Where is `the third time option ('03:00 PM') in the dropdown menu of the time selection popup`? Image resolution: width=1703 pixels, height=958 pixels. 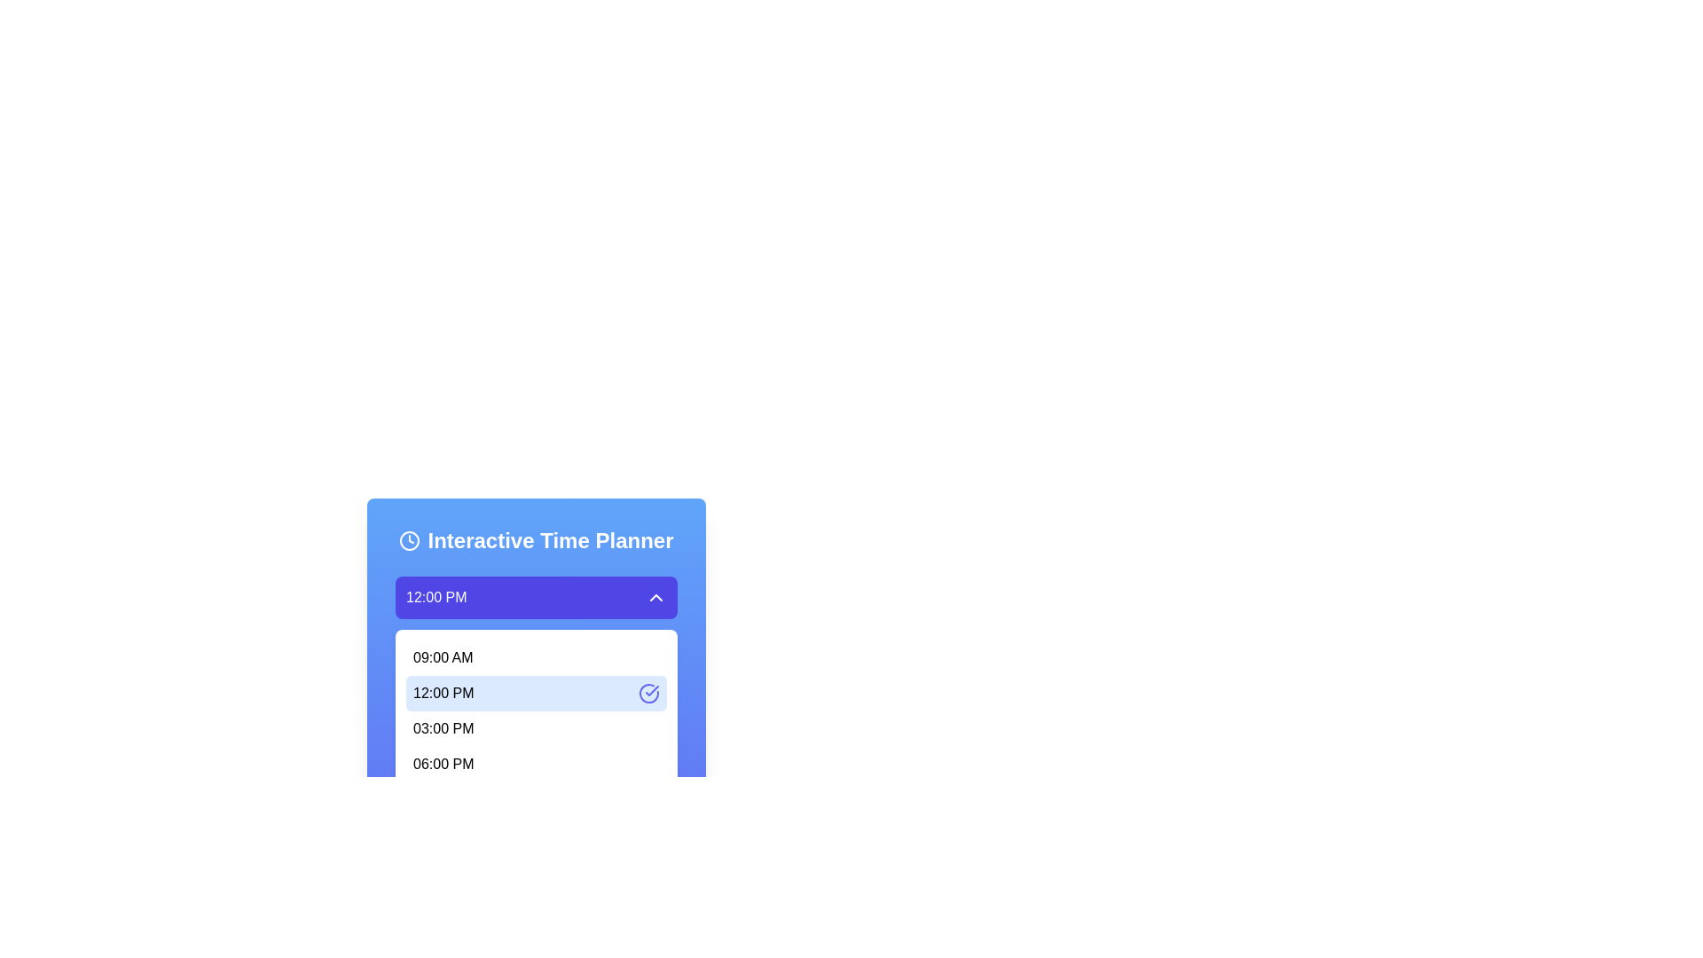 the third time option ('03:00 PM') in the dropdown menu of the time selection popup is located at coordinates (535, 728).